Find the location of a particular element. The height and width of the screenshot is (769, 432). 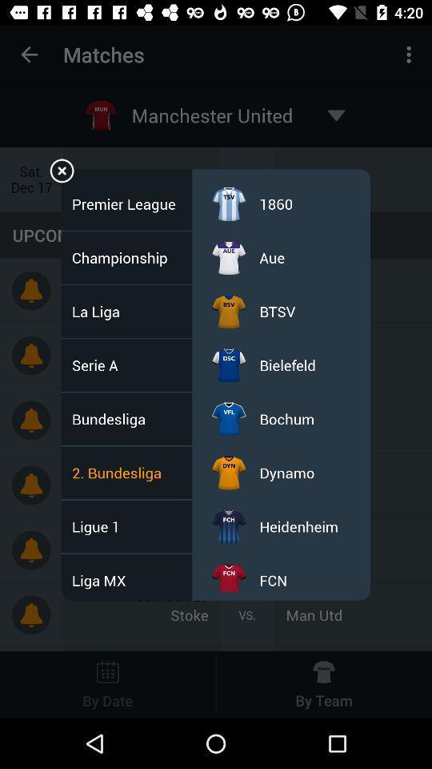

serie a is located at coordinates (100, 365).